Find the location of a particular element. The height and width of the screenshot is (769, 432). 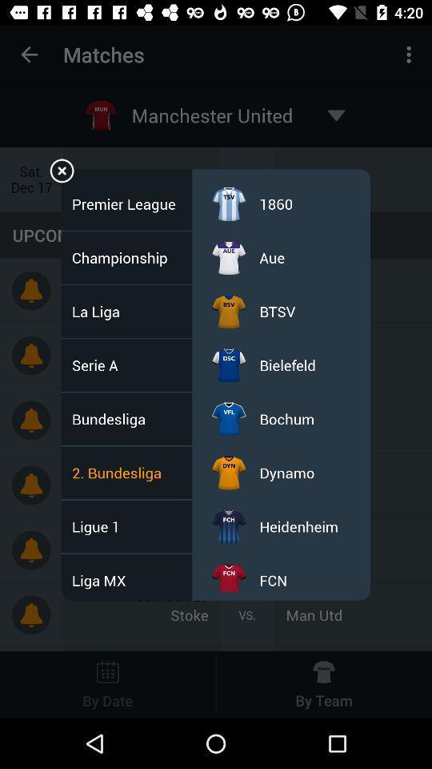

serie a is located at coordinates (100, 365).